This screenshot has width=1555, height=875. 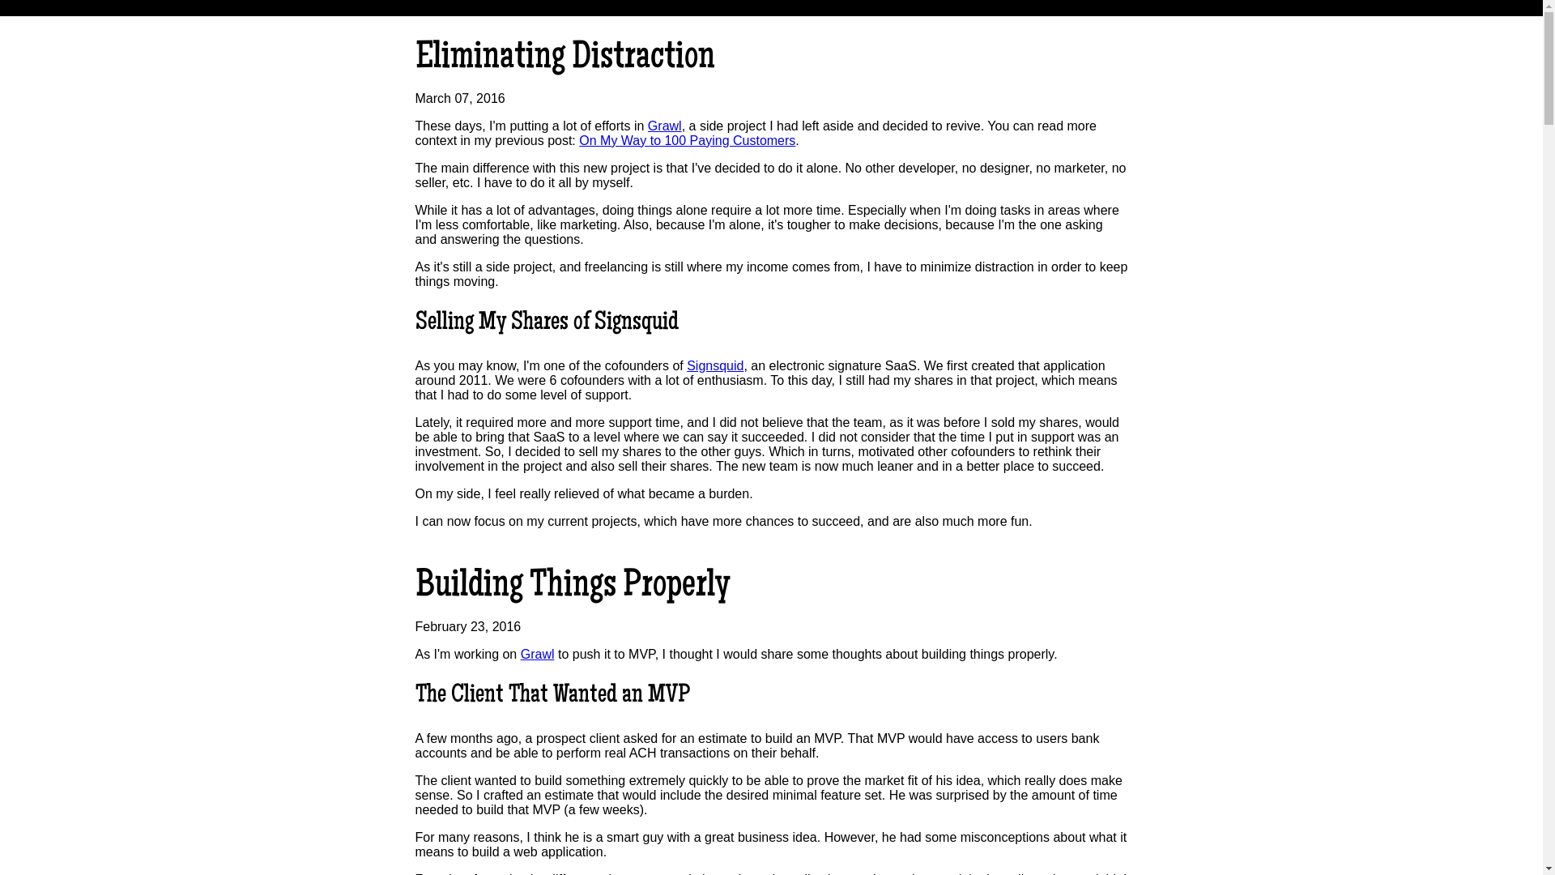 I want to click on 'Building Things Properly', so click(x=415, y=587).